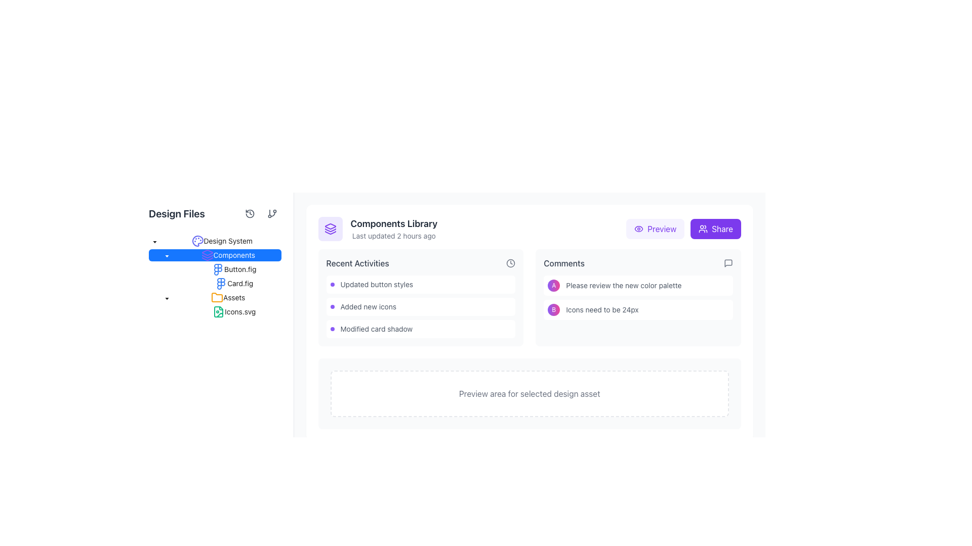  What do you see at coordinates (227, 297) in the screenshot?
I see `the 'Assets' folder item` at bounding box center [227, 297].